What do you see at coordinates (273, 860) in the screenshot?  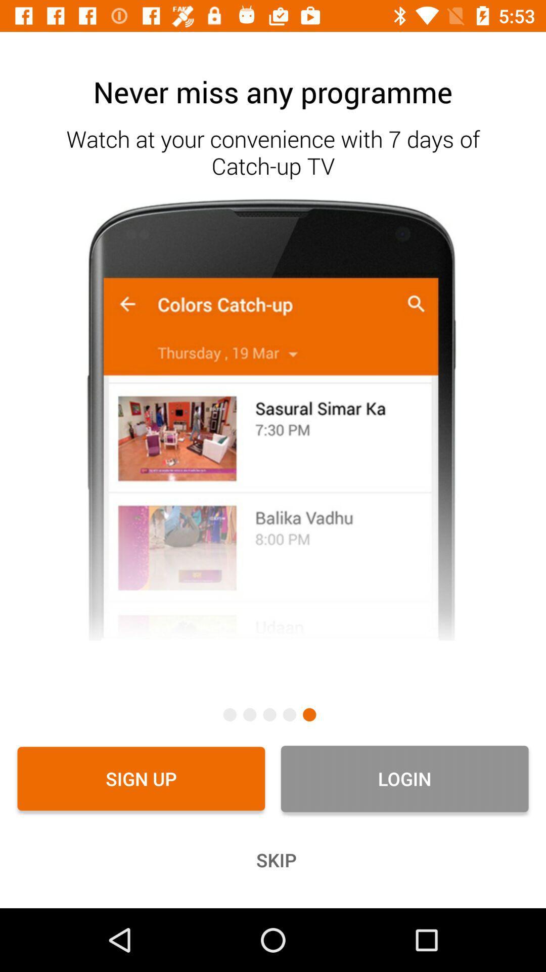 I see `the icon below the login item` at bounding box center [273, 860].